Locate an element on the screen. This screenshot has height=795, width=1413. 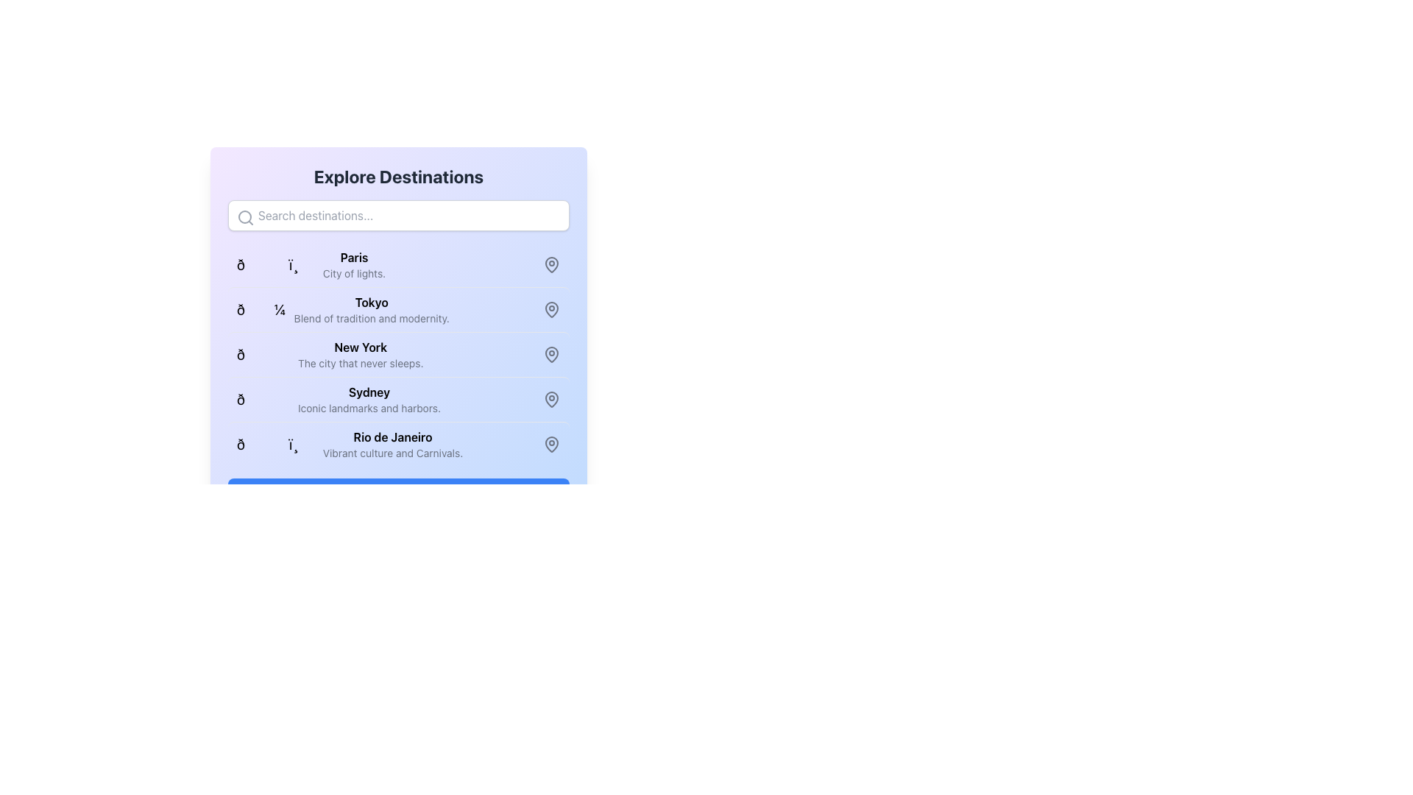
the blue button labeled 'Selected Items (0)' with rounded corners located at the bottom of the interface is located at coordinates (399, 493).